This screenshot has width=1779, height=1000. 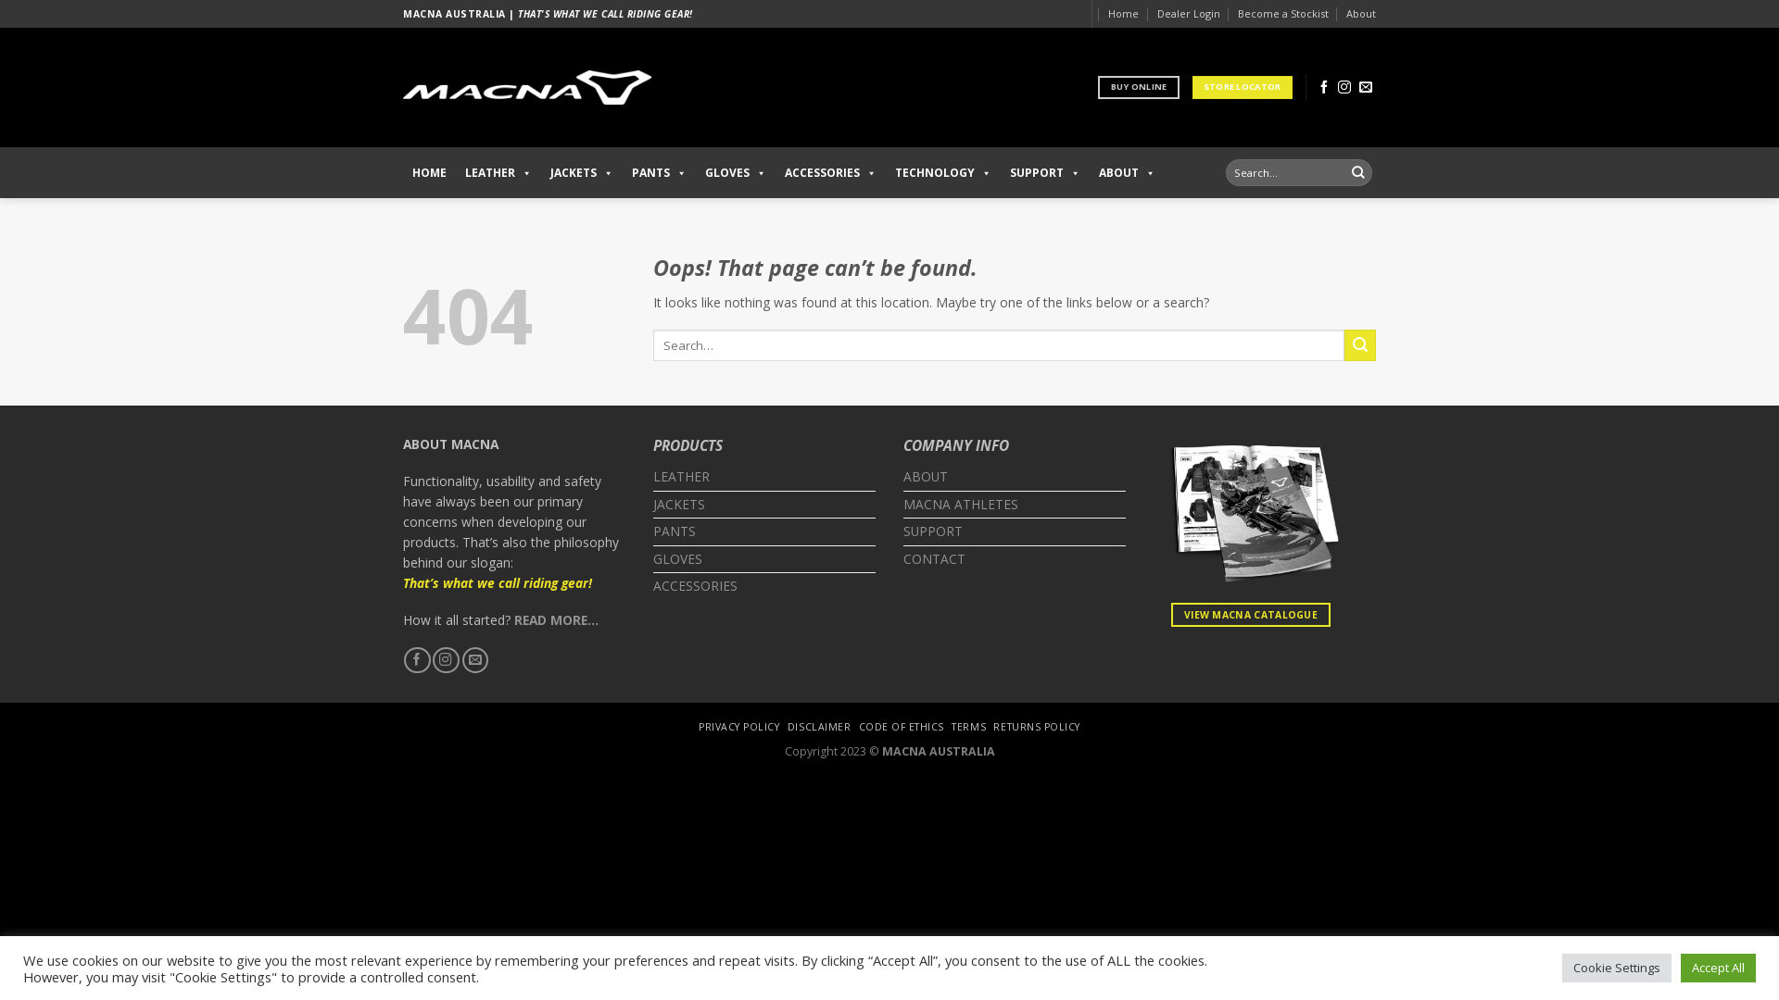 What do you see at coordinates (902, 726) in the screenshot?
I see `'CODE OF ETHICS'` at bounding box center [902, 726].